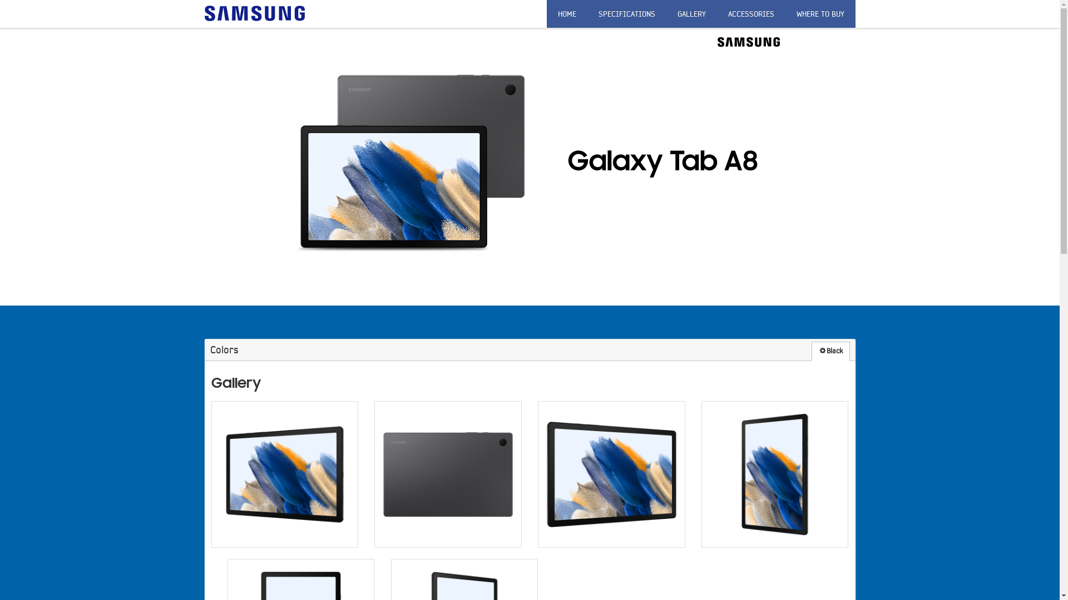  What do you see at coordinates (750, 13) in the screenshot?
I see `'ACCESSORIES'` at bounding box center [750, 13].